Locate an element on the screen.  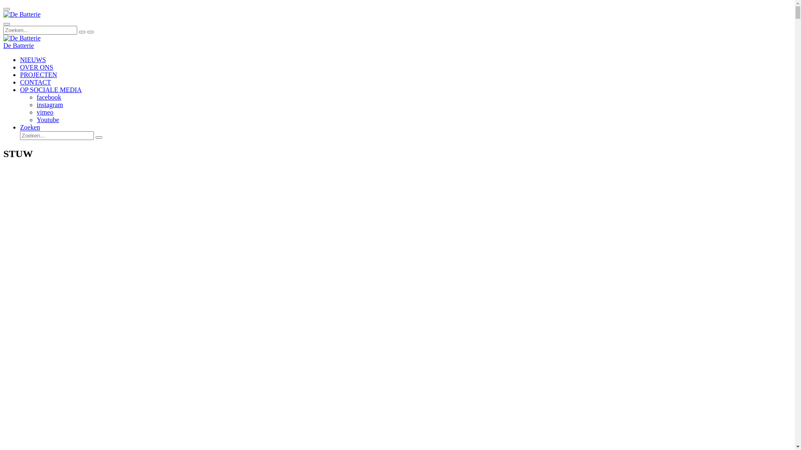
'Youtube' is located at coordinates (48, 120).